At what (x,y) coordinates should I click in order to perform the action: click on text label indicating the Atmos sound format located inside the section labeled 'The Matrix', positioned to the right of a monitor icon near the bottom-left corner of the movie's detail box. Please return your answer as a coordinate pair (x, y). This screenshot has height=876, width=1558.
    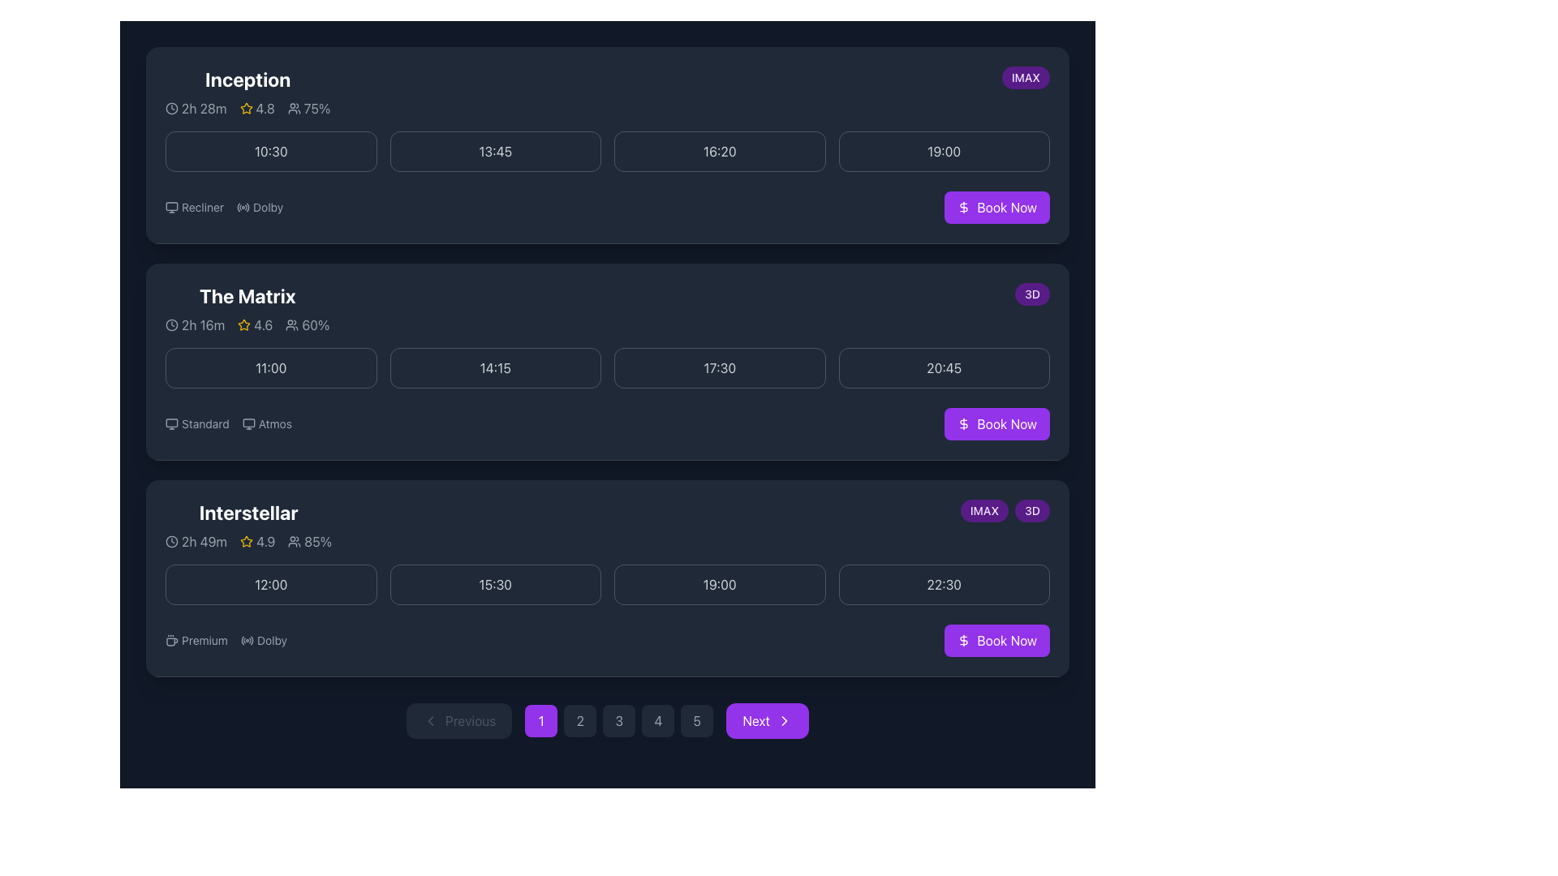
    Looking at the image, I should click on (275, 423).